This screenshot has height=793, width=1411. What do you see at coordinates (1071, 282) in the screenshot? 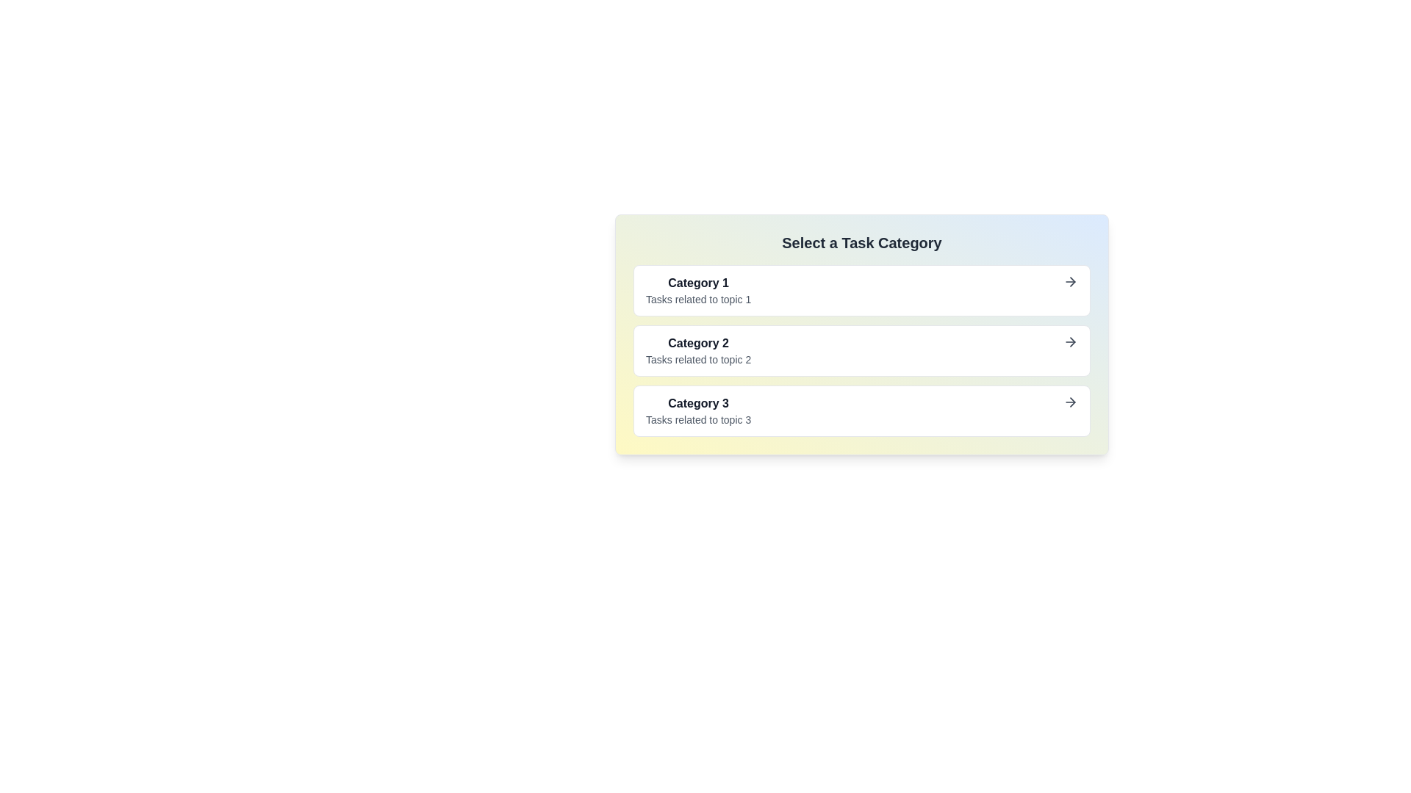
I see `the rightward pointing arrow icon located at the far right of the 'Category 1' entry` at bounding box center [1071, 282].